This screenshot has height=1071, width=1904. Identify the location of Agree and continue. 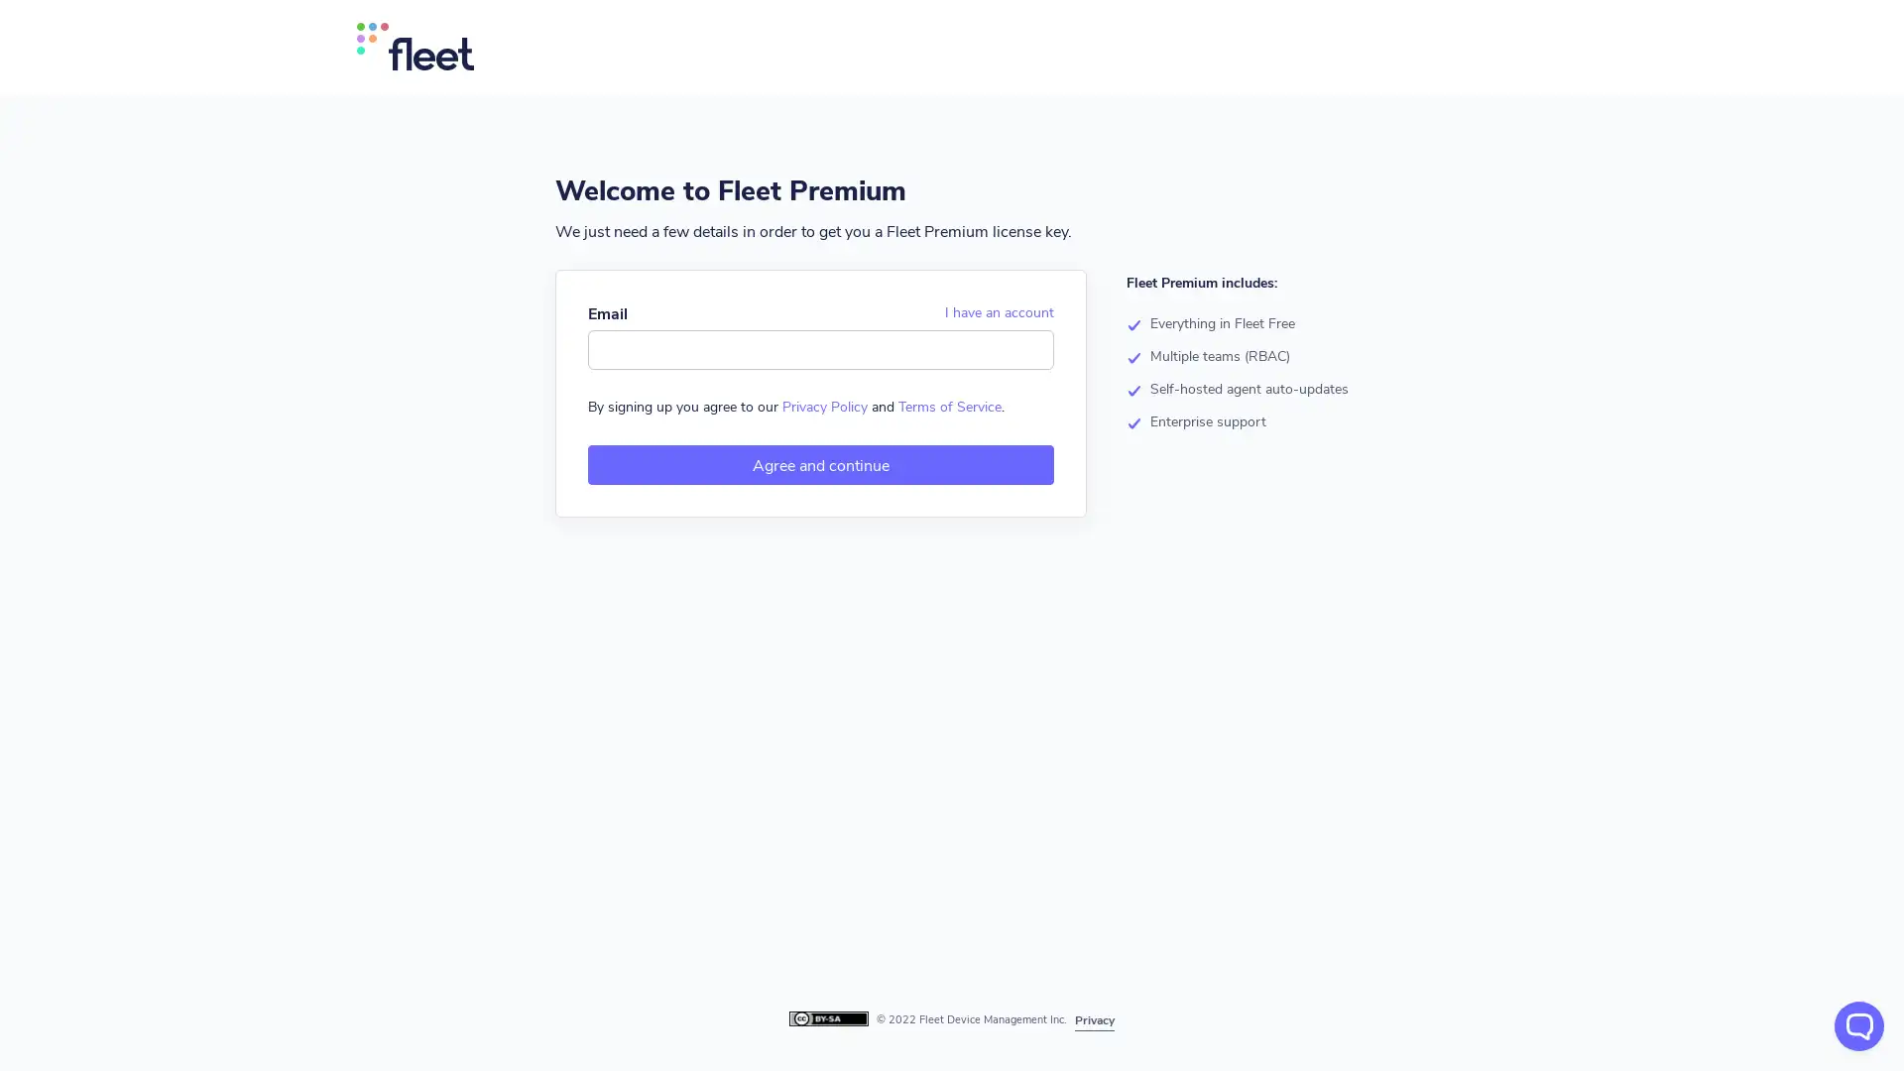
(820, 465).